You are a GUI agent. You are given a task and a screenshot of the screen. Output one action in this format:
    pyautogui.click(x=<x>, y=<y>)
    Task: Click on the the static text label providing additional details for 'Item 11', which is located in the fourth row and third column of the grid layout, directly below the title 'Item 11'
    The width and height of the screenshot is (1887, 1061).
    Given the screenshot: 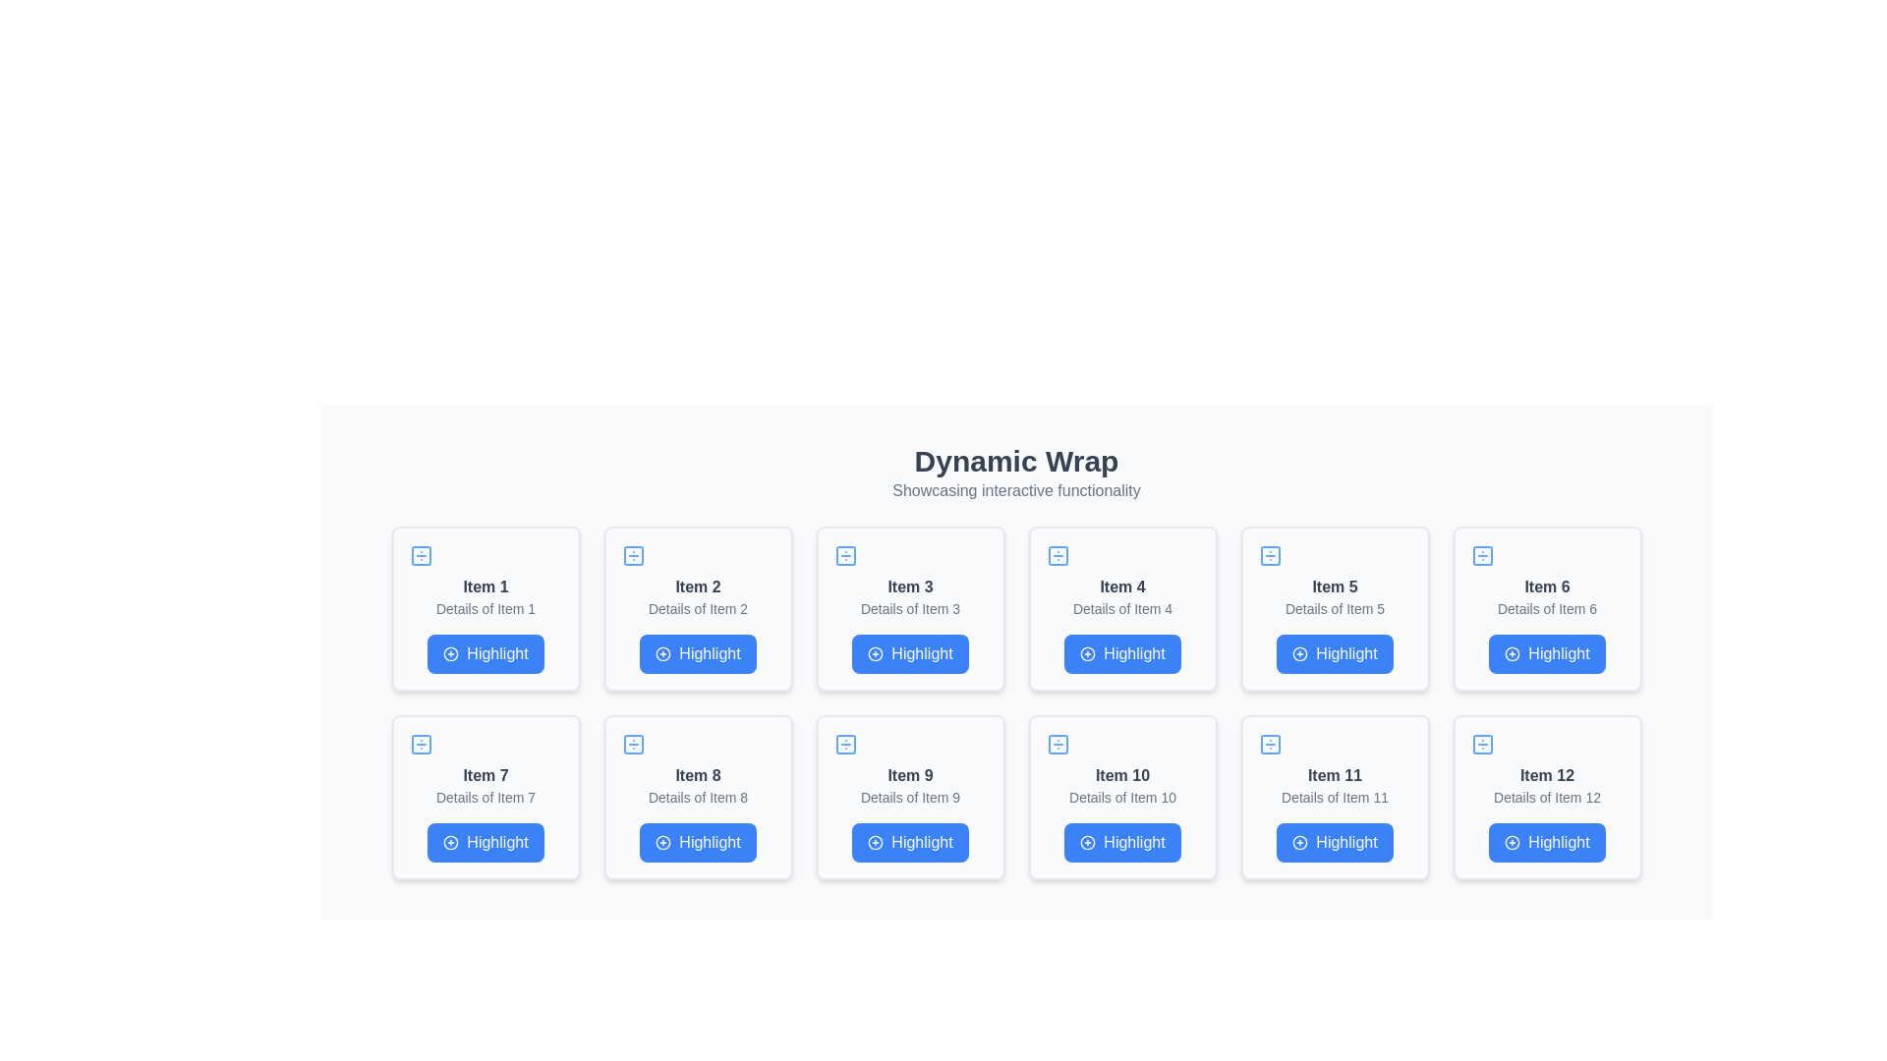 What is the action you would take?
    pyautogui.click(x=1335, y=798)
    